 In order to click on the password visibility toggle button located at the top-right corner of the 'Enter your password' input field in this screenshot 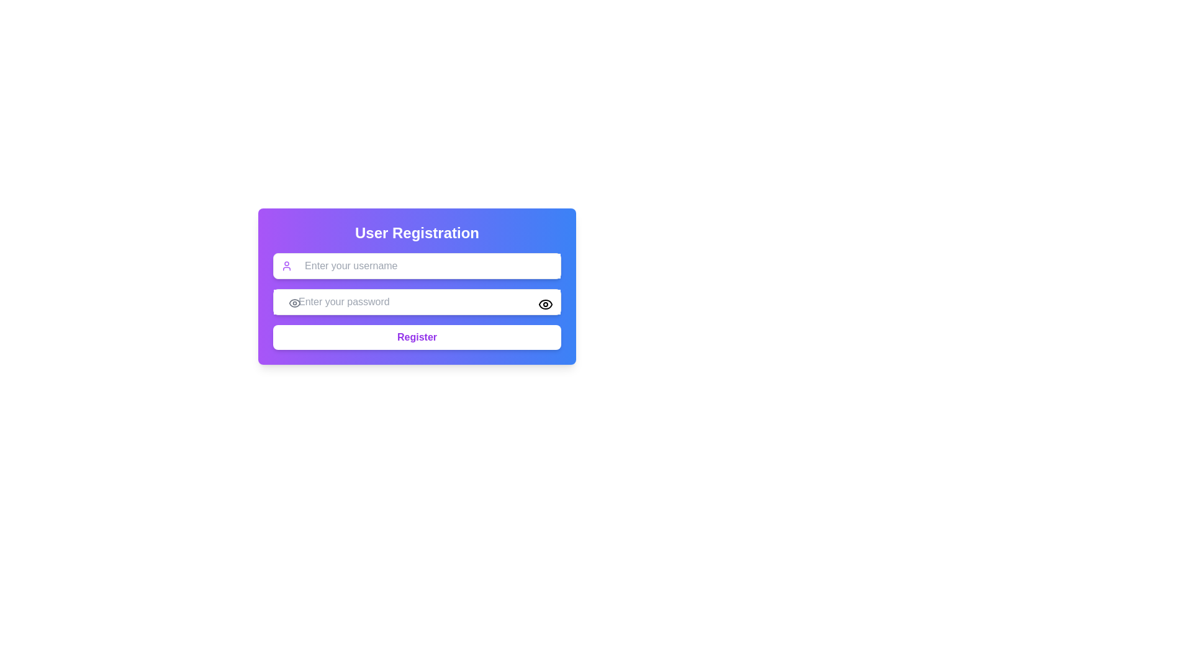, I will do `click(545, 304)`.